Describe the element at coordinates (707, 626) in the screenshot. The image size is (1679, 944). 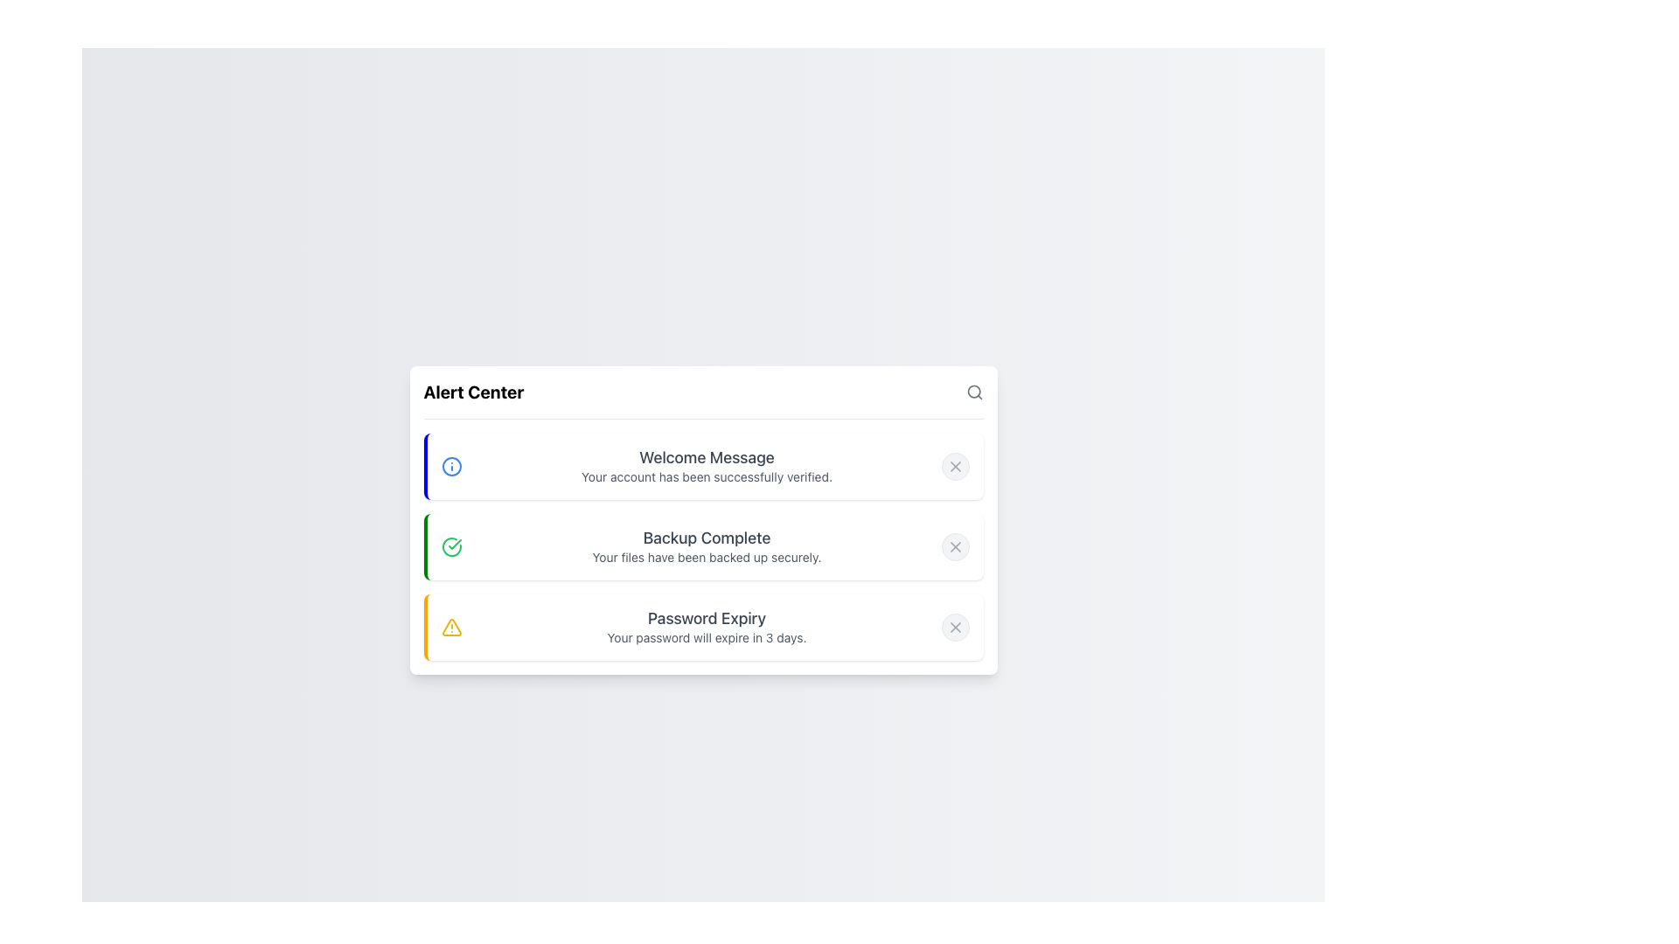
I see `the Informational Text Component that notifies the user about their password expiry, located at the bottom of the Alert Center section, within a notification card with an orange left border` at that location.